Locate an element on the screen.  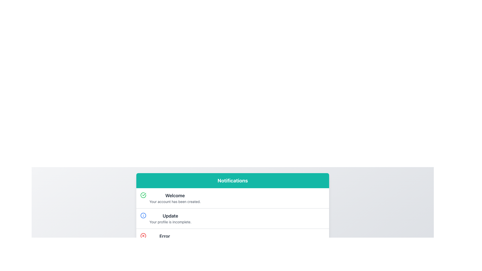
the checkmark shape within the circular success icon located to the left of the label 'Welcome' in the 'Notifications' section is located at coordinates (144, 194).